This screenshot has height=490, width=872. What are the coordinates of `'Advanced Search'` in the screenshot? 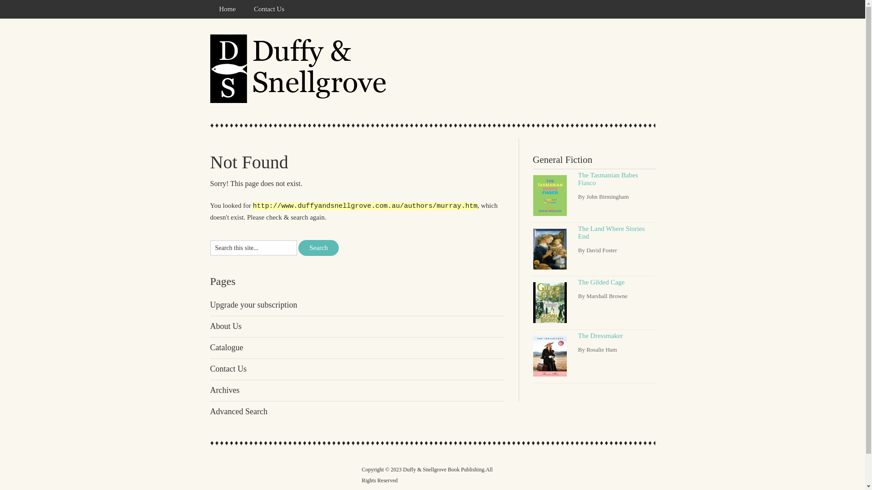 It's located at (238, 411).